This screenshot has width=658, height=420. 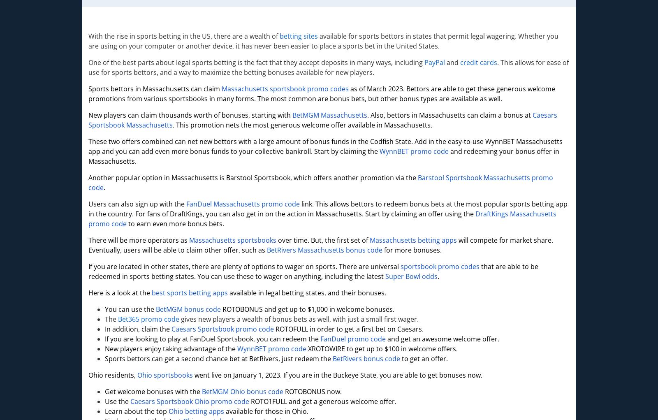 I want to click on 'One of the best parts about legal sports betting is the fact that they accept deposits in many ways, including', so click(x=256, y=63).